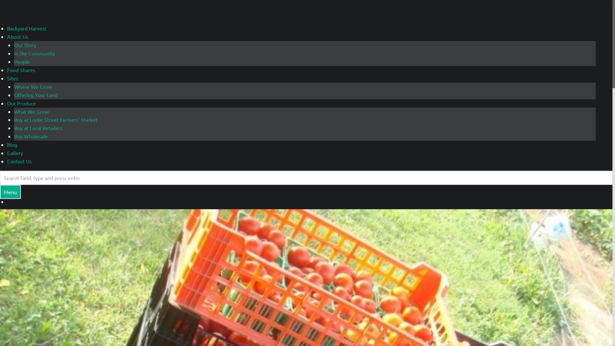 This screenshot has height=346, width=615. I want to click on 'In the Community', so click(34, 53).